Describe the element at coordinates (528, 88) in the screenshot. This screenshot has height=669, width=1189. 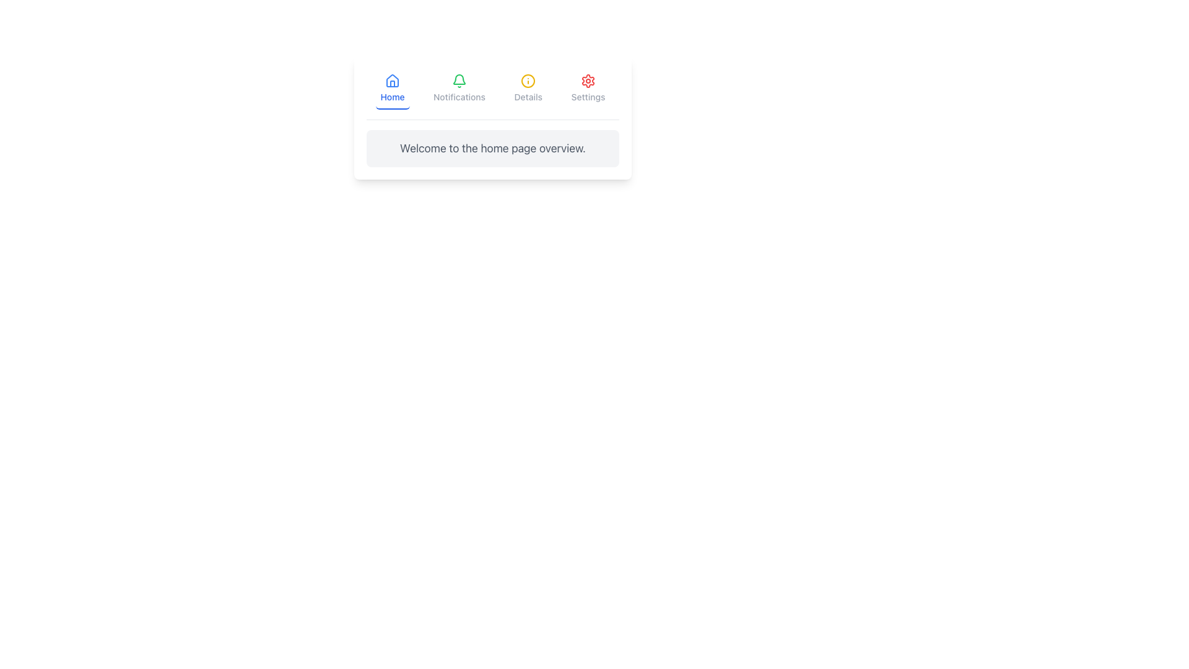
I see `the 'Details' button which is a yellow circular icon with an 'i' symbol and a label beneath it` at that location.